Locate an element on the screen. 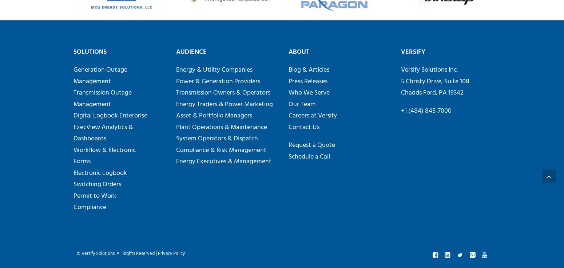  'Contact Us' is located at coordinates (288, 127).